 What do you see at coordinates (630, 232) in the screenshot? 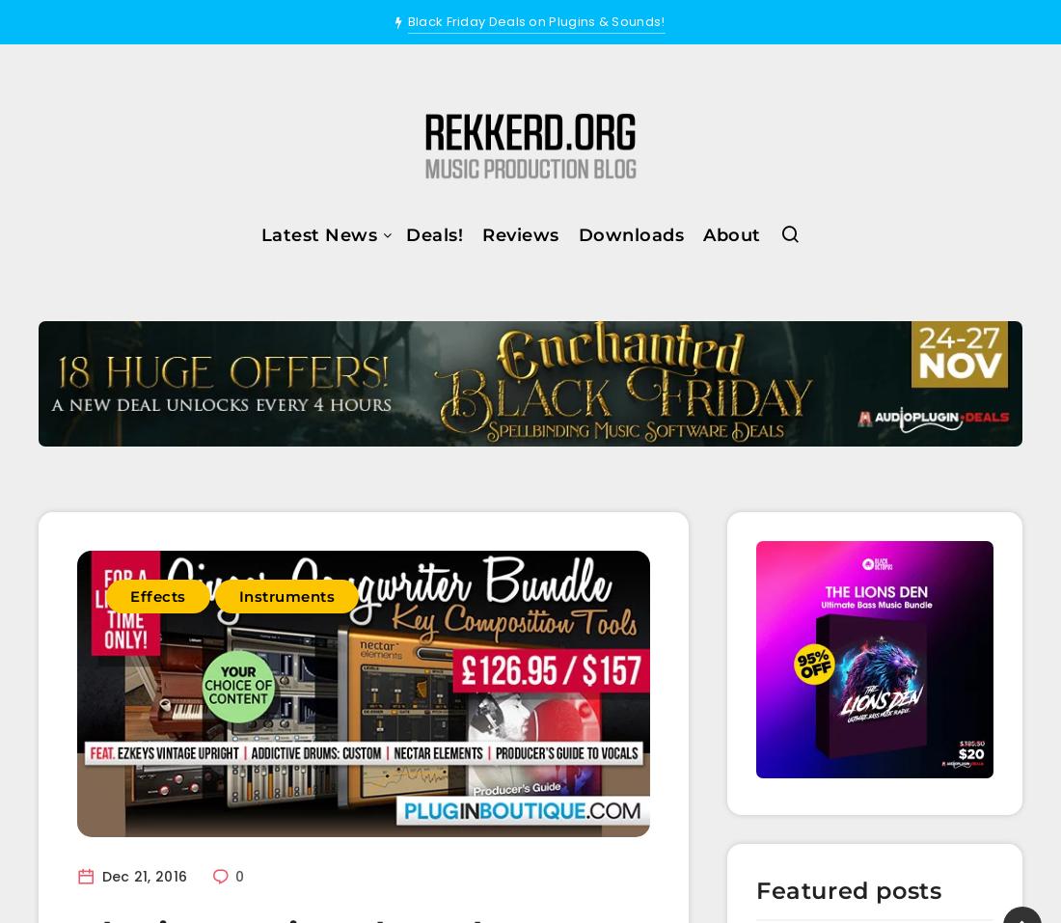
I see `'Downloads'` at bounding box center [630, 232].